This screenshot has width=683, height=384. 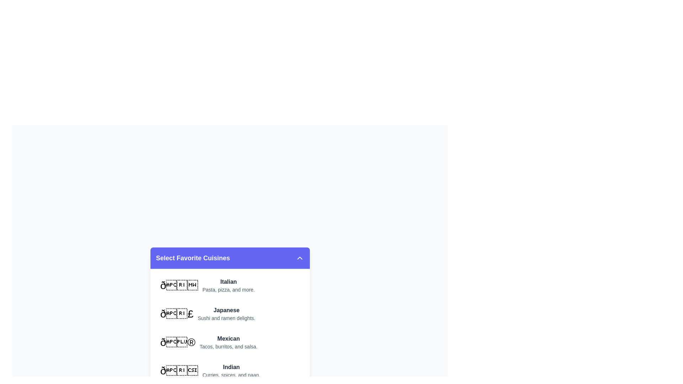 What do you see at coordinates (230, 370) in the screenshot?
I see `the fourth item in the selection menu labeled 'Select Favorite Cuisines' which represents Indian cuisine options` at bounding box center [230, 370].